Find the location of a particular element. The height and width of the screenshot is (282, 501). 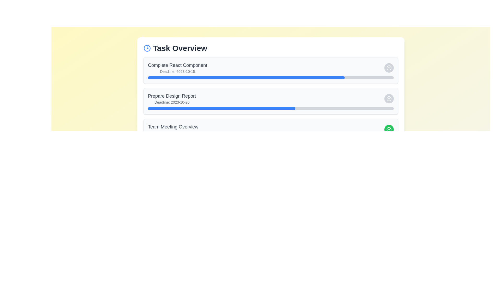

the blue circular shape within the clock icon located near the top-left corner of the task overview section is located at coordinates (147, 48).